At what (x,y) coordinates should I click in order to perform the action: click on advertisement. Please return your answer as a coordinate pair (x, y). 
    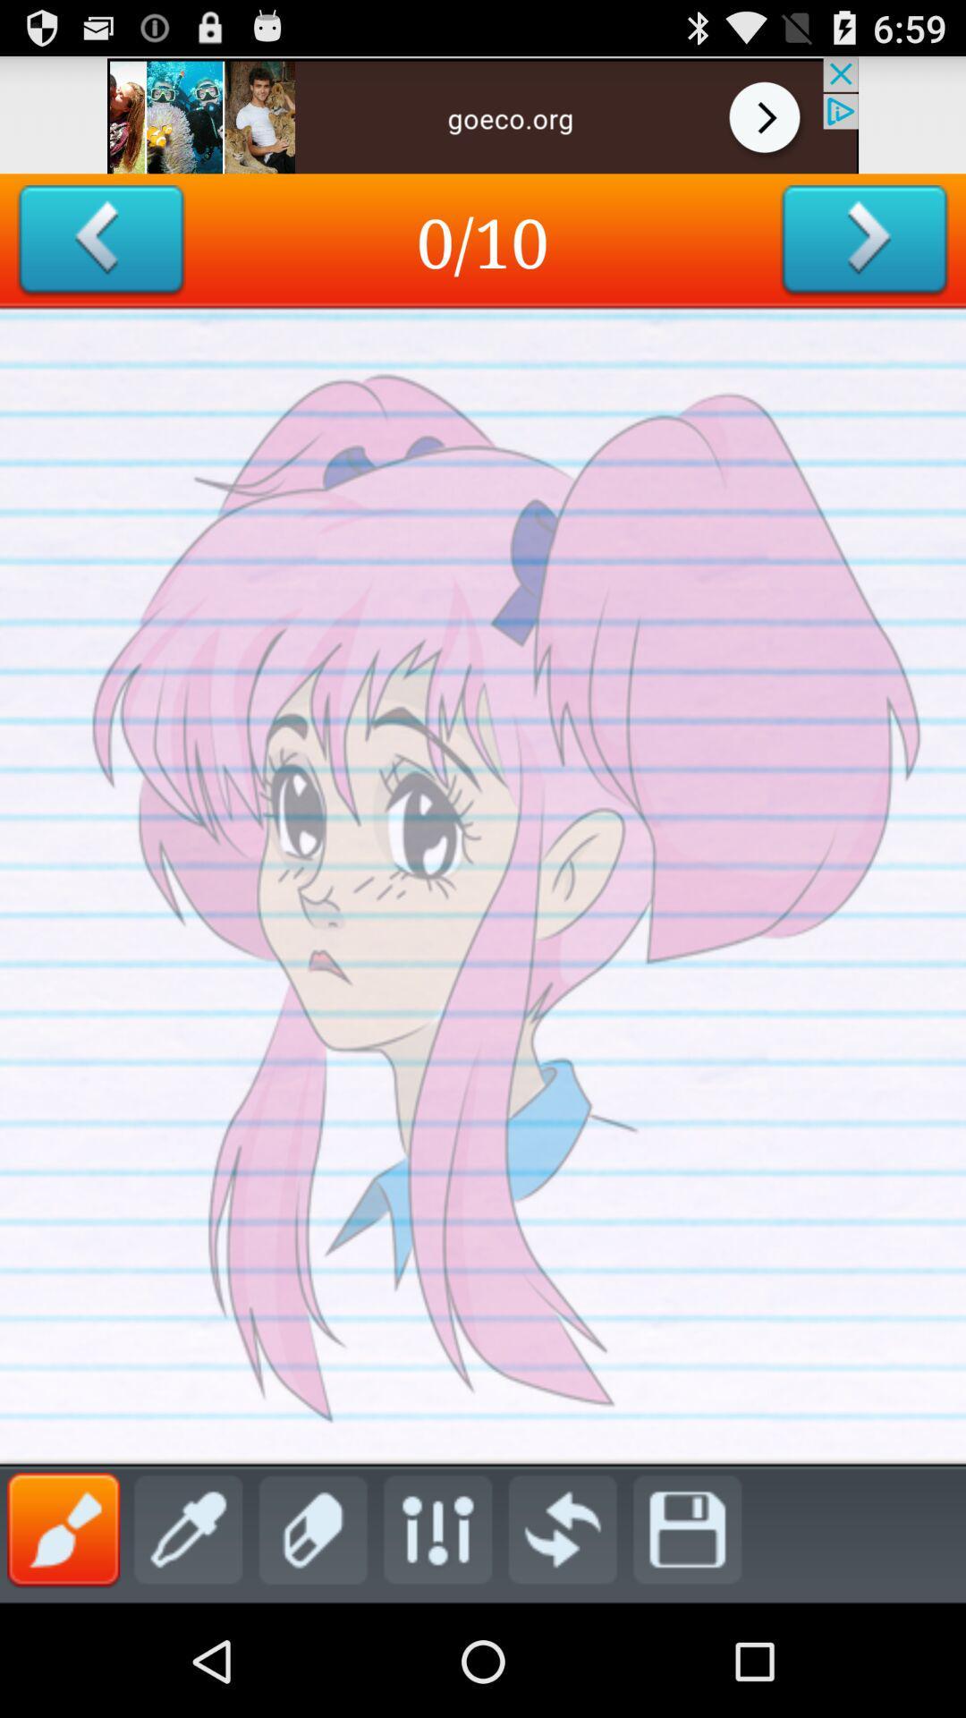
    Looking at the image, I should click on (483, 114).